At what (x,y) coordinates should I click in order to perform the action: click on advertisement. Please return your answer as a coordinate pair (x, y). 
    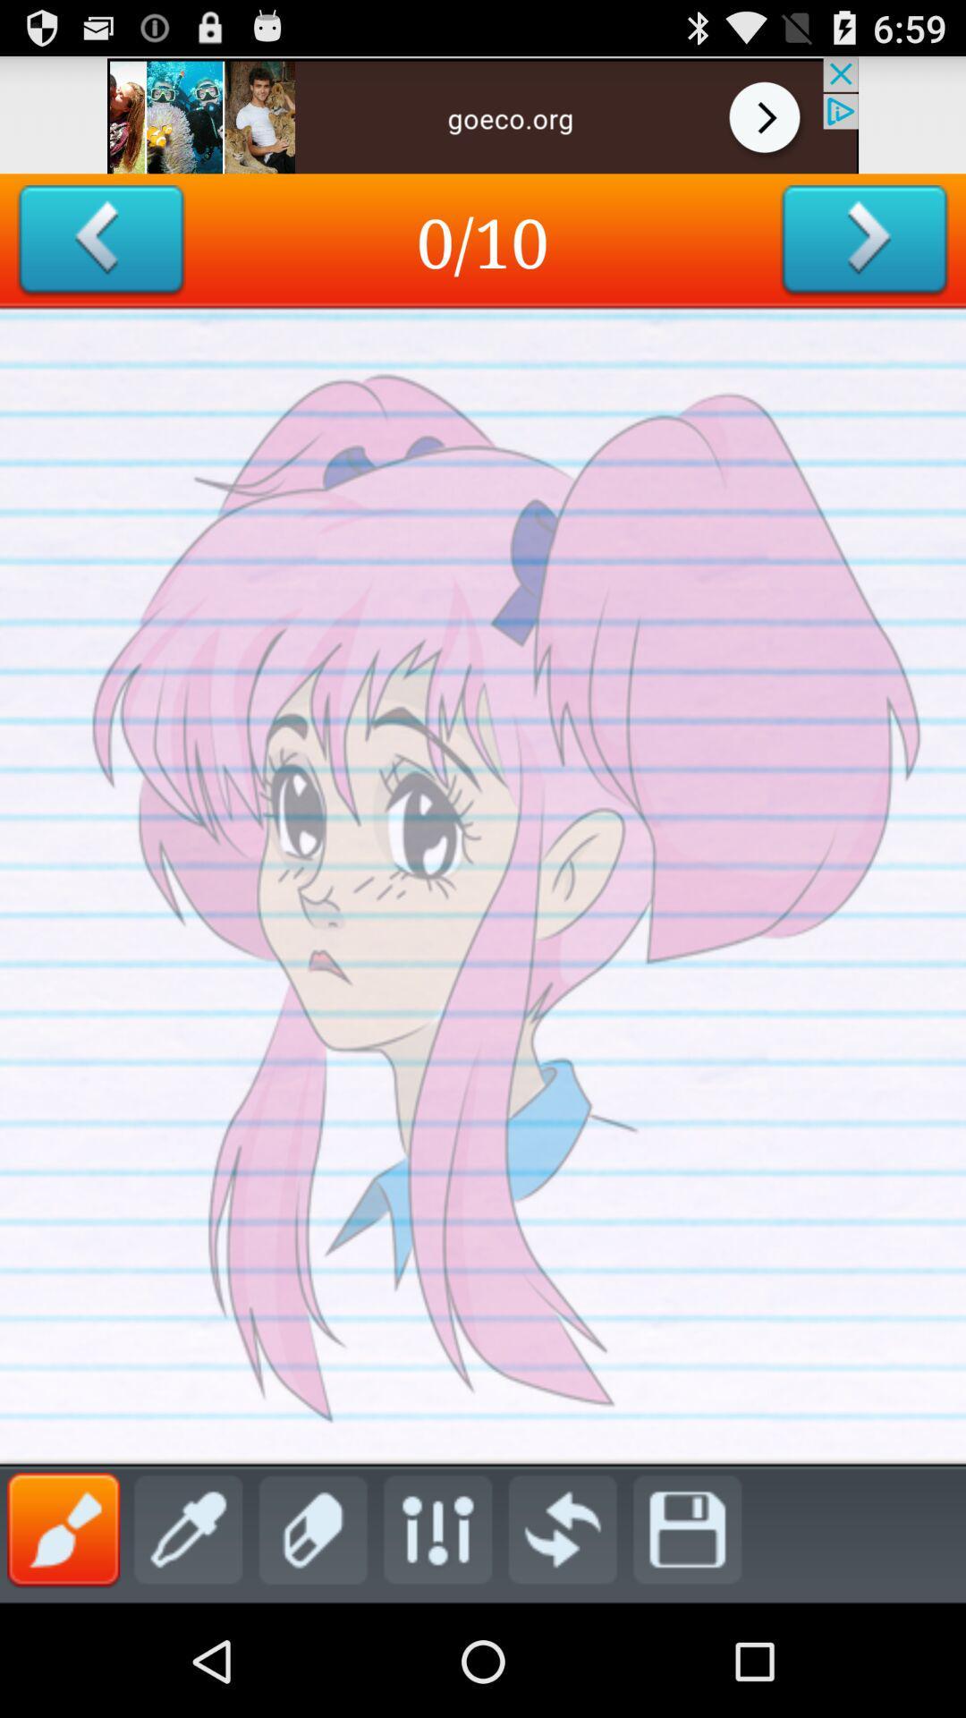
    Looking at the image, I should click on (483, 114).